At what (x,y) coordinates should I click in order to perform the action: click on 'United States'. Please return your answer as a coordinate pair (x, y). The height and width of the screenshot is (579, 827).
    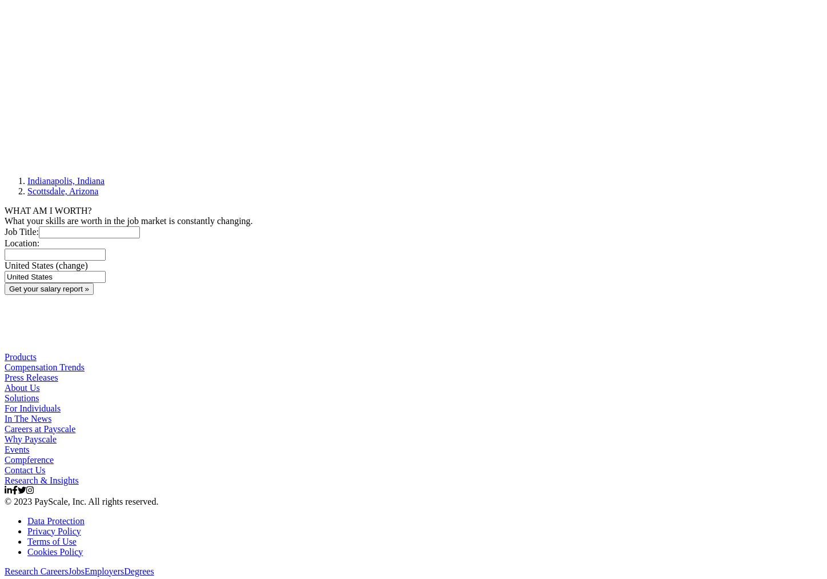
    Looking at the image, I should click on (29, 265).